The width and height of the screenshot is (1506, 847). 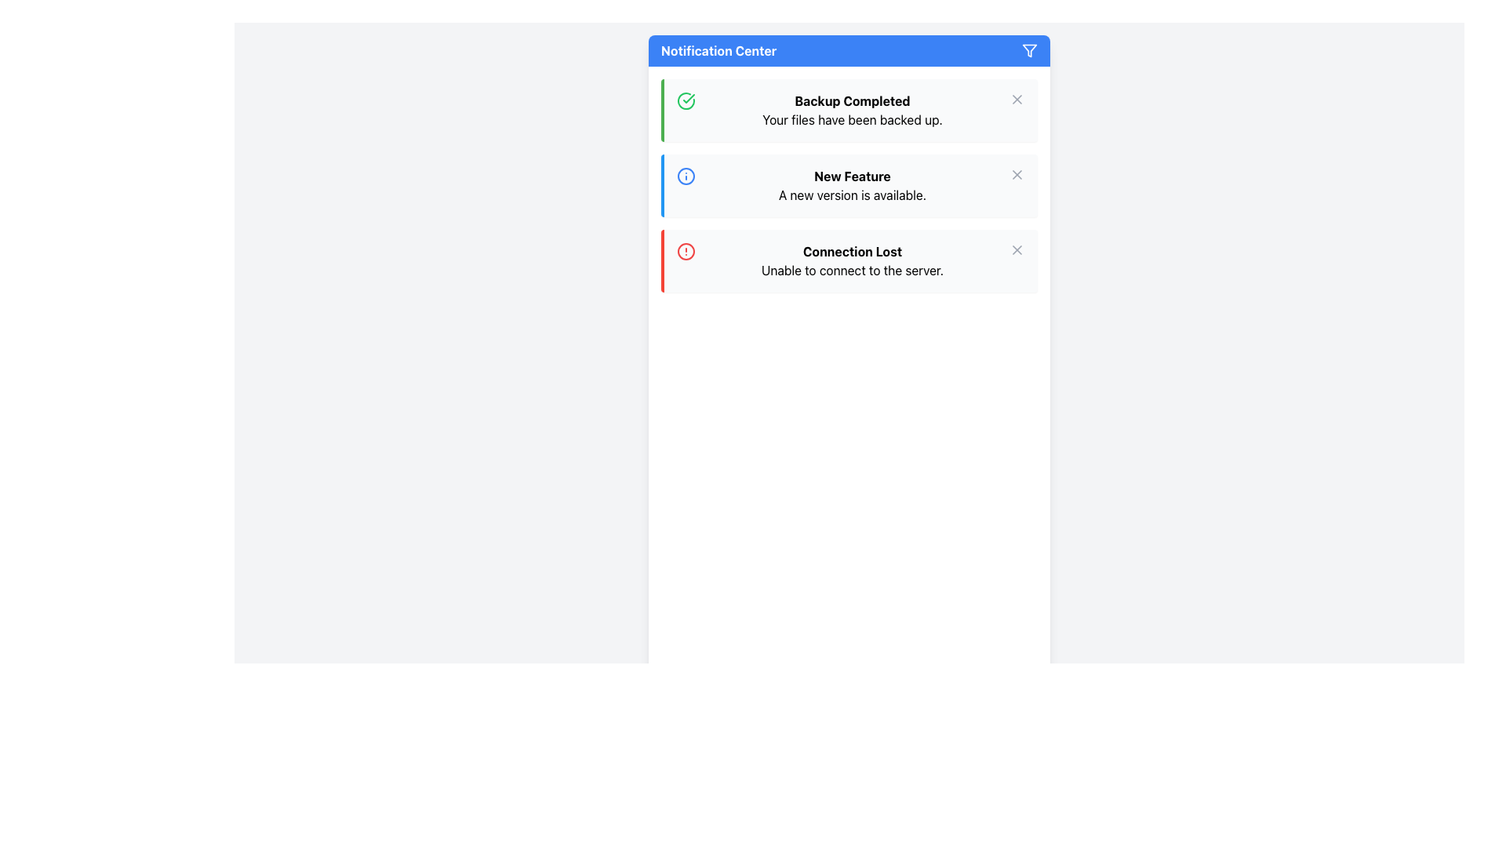 What do you see at coordinates (718, 50) in the screenshot?
I see `the static text label indicating the title or purpose of the notification panel, which is positioned near the center-left of the blue header bar` at bounding box center [718, 50].